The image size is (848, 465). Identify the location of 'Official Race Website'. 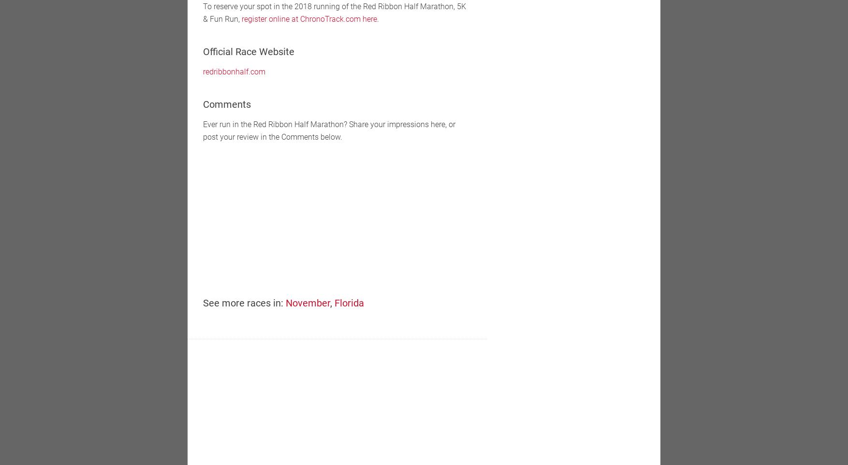
(248, 51).